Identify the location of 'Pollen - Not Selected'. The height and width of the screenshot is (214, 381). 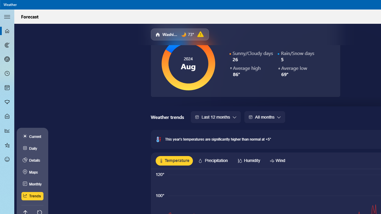
(7, 102).